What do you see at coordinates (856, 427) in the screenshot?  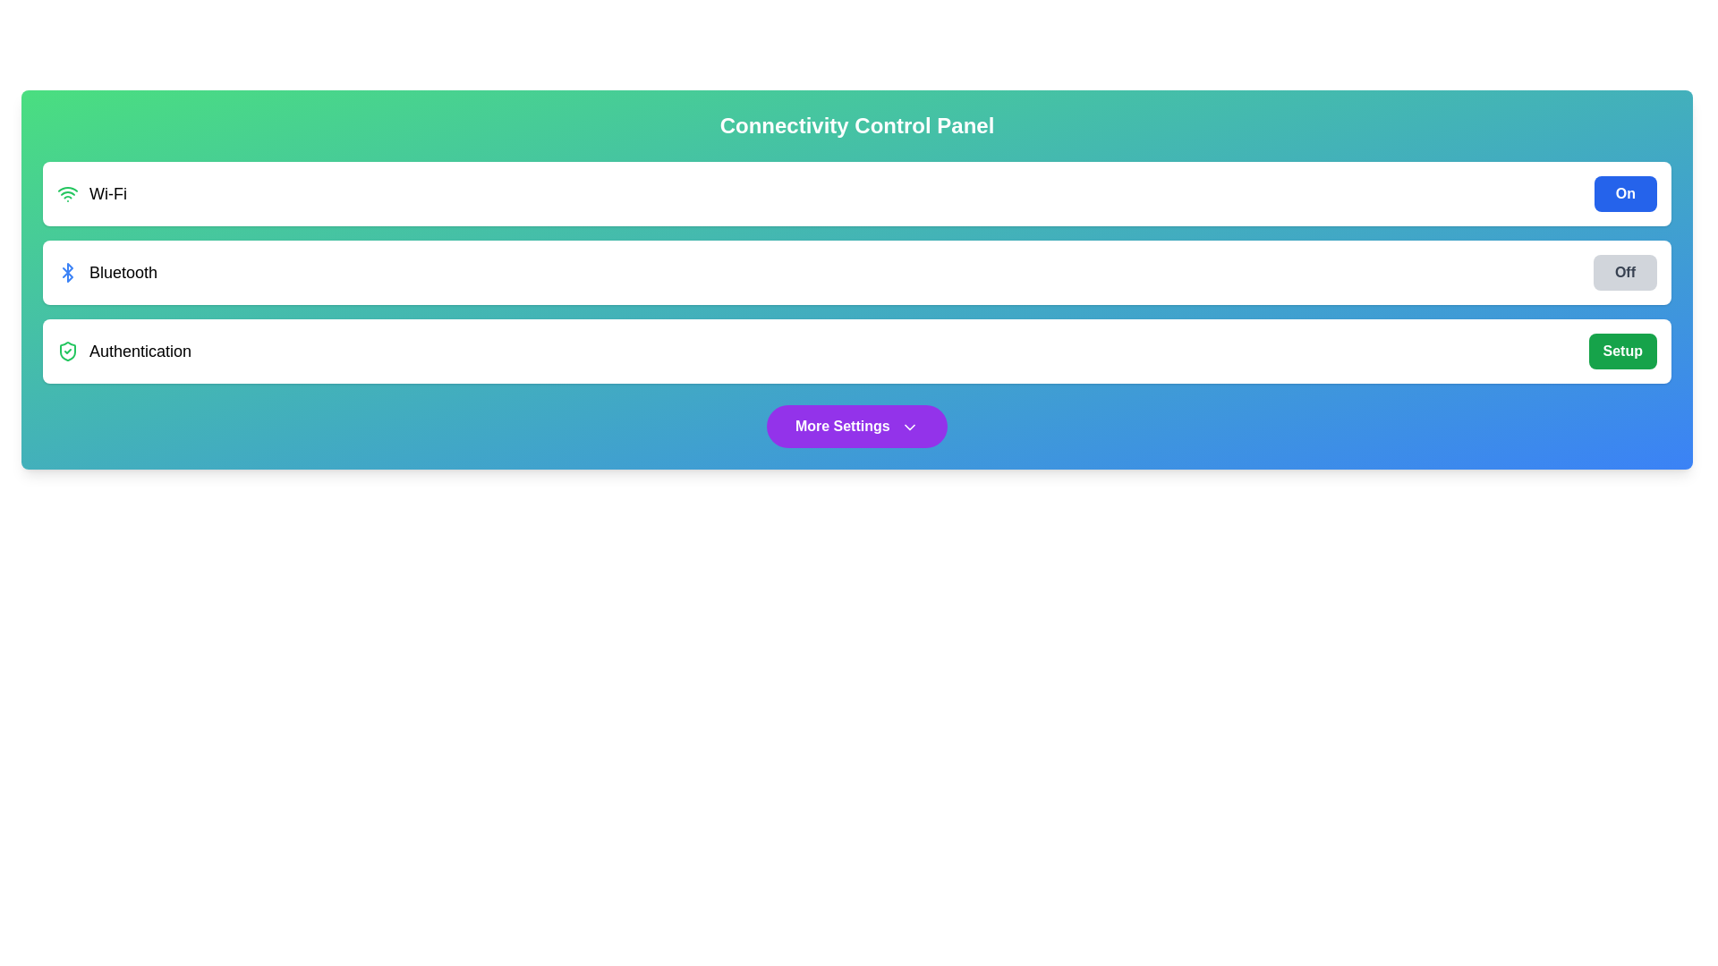 I see `the button with a dropdown indicator in the Connectivity Control Panel` at bounding box center [856, 427].